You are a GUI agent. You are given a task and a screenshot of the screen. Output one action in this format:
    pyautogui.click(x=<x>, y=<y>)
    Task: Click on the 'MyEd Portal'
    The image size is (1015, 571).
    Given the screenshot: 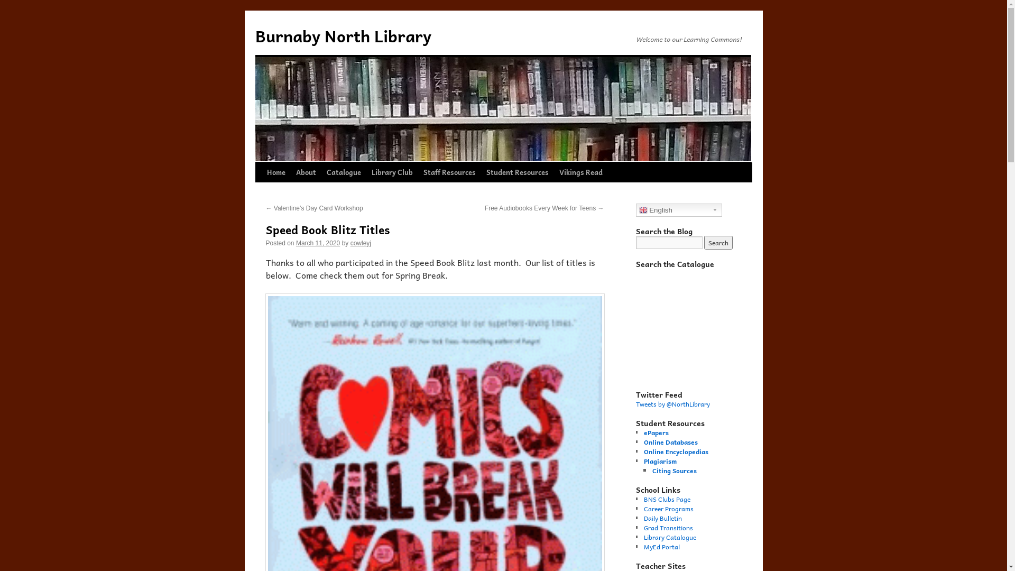 What is the action you would take?
    pyautogui.click(x=661, y=546)
    